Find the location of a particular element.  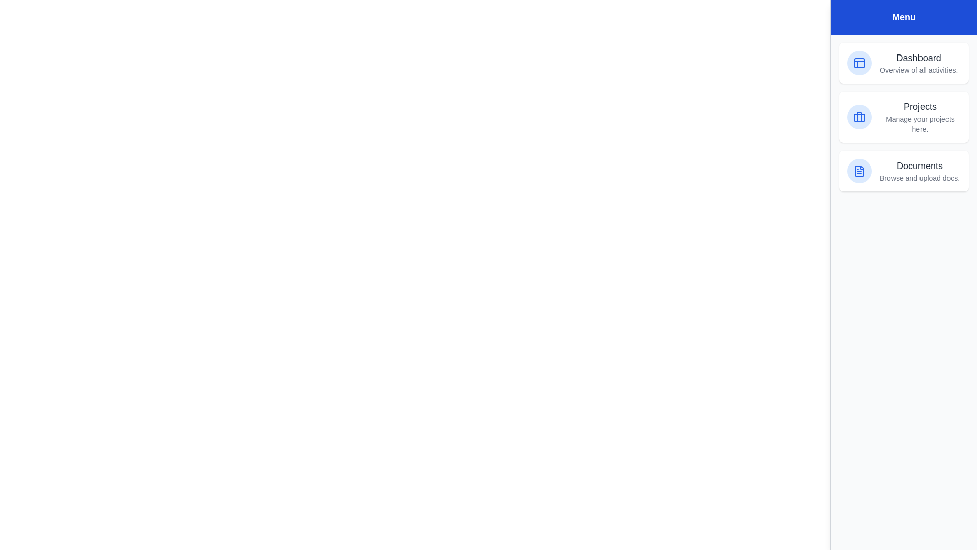

toggle button located at the top-right corner of the interface to toggle the drawer open or closed is located at coordinates (954, 22).